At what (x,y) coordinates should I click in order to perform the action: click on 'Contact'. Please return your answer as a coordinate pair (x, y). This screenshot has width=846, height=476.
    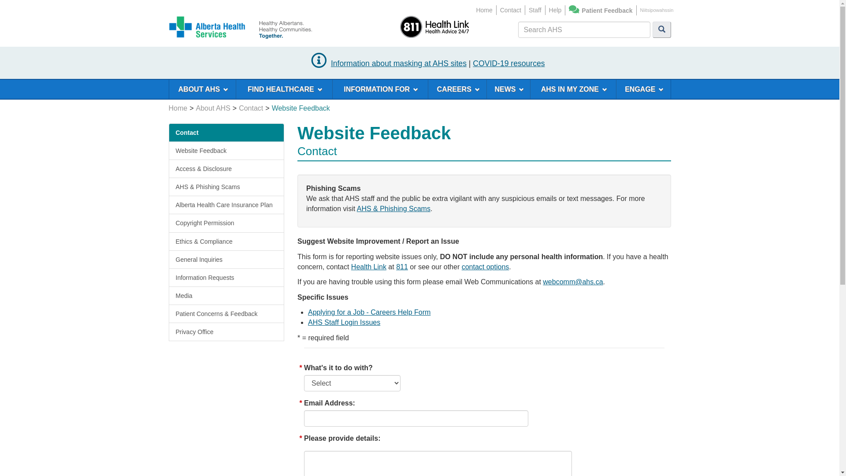
    Looking at the image, I should click on (186, 132).